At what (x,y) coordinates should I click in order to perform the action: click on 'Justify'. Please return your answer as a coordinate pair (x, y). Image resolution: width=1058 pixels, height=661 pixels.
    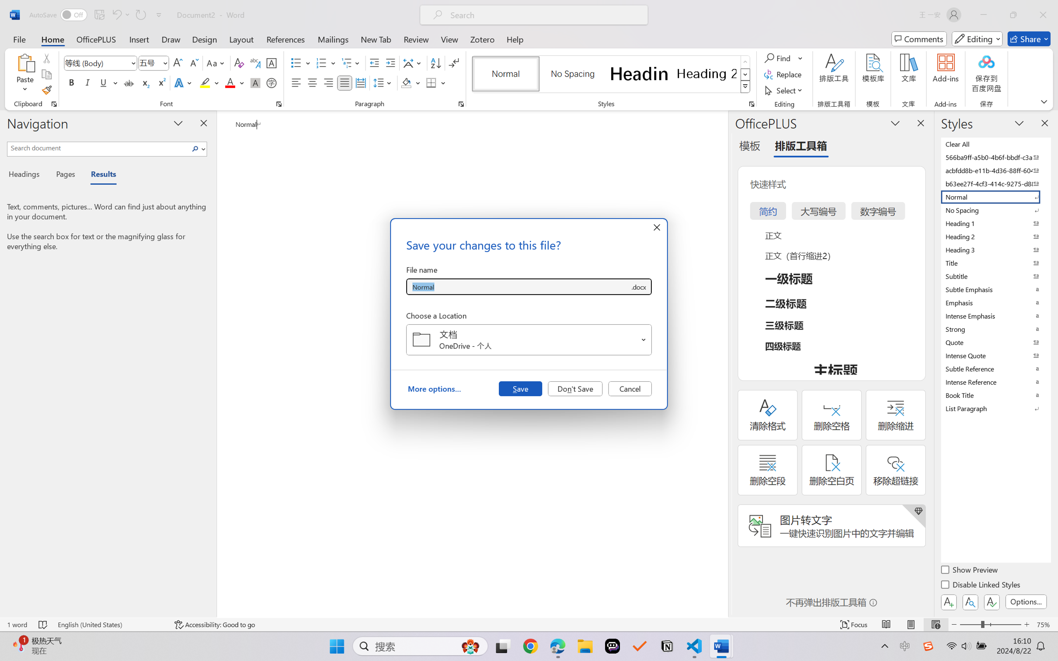
    Looking at the image, I should click on (344, 82).